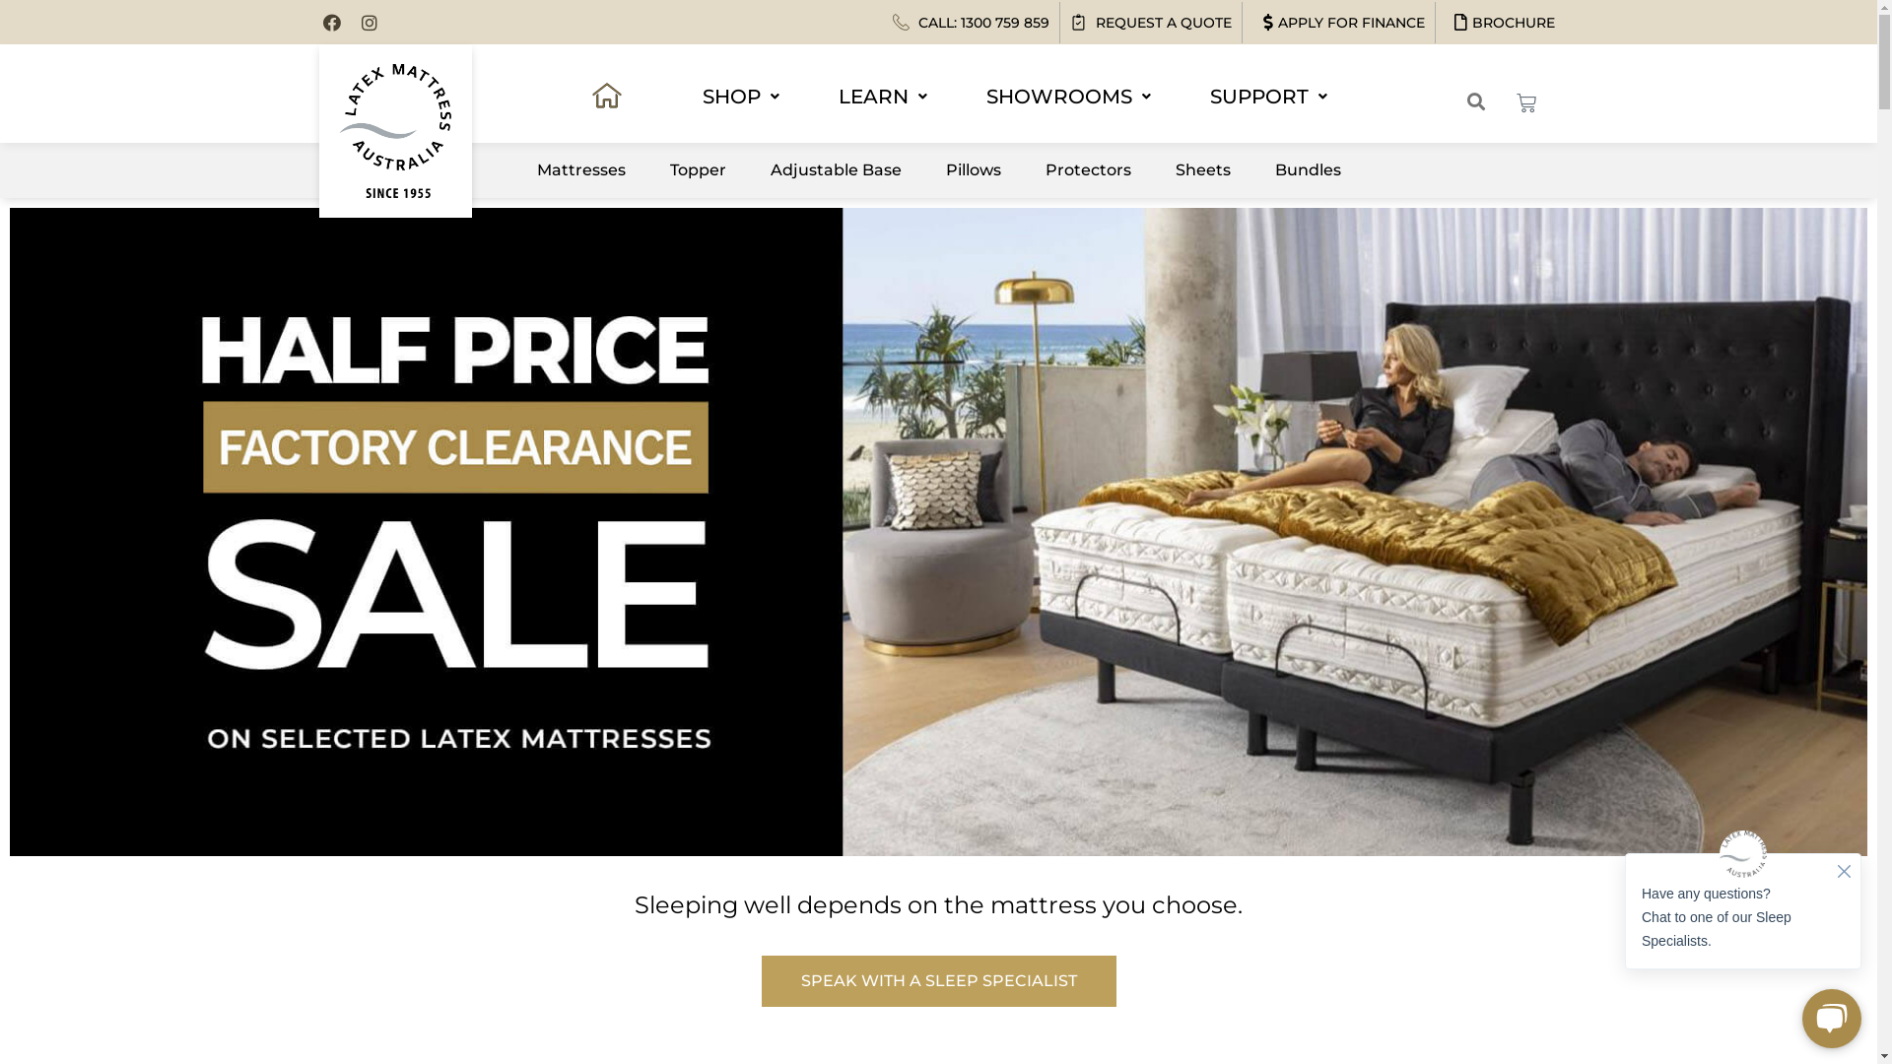 The width and height of the screenshot is (1892, 1064). What do you see at coordinates (1030, 169) in the screenshot?
I see `'Protectors'` at bounding box center [1030, 169].